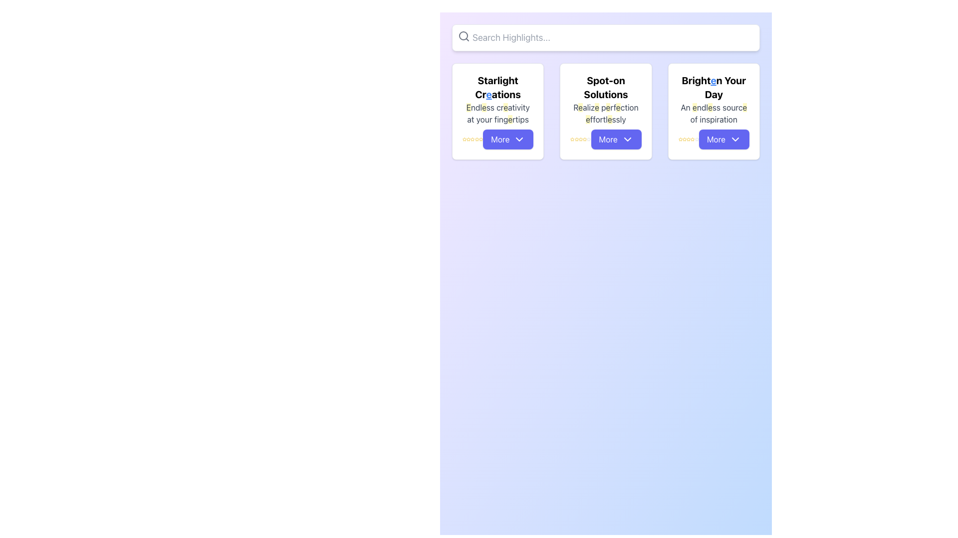 This screenshot has width=958, height=538. Describe the element at coordinates (616, 139) in the screenshot. I see `the expandable button located at the bottom section of the 'Spot-on Solutions' card` at that location.